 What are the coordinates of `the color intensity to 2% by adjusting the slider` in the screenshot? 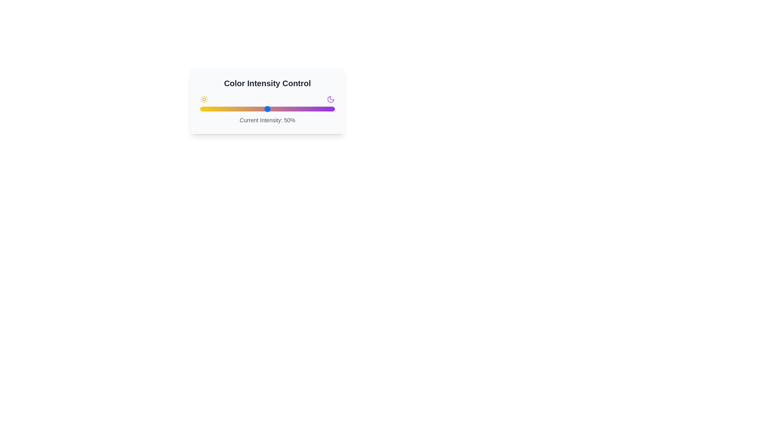 It's located at (203, 109).